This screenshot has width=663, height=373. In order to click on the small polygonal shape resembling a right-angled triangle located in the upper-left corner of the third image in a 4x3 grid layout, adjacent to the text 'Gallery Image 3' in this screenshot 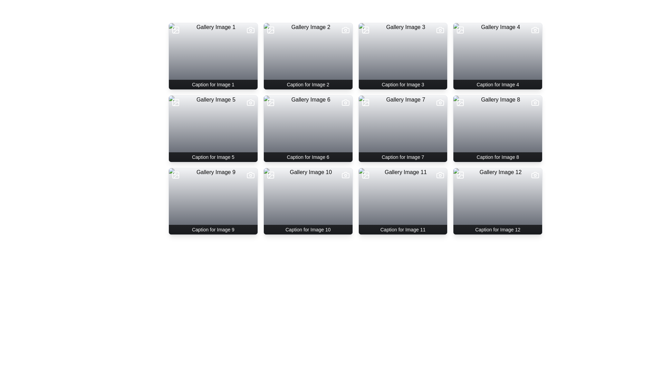, I will do `click(366, 31)`.